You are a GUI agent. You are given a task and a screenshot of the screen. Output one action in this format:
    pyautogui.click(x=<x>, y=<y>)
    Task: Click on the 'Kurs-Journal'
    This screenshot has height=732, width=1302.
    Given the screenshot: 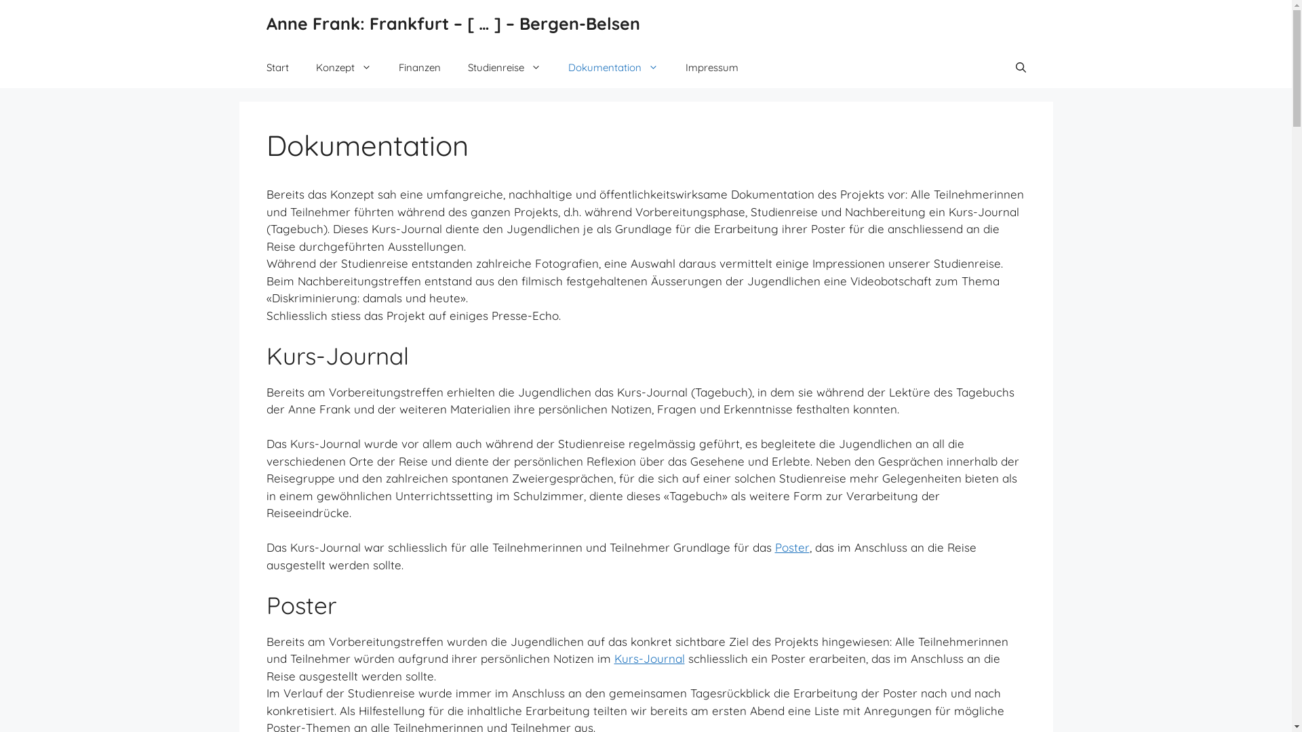 What is the action you would take?
    pyautogui.click(x=614, y=657)
    